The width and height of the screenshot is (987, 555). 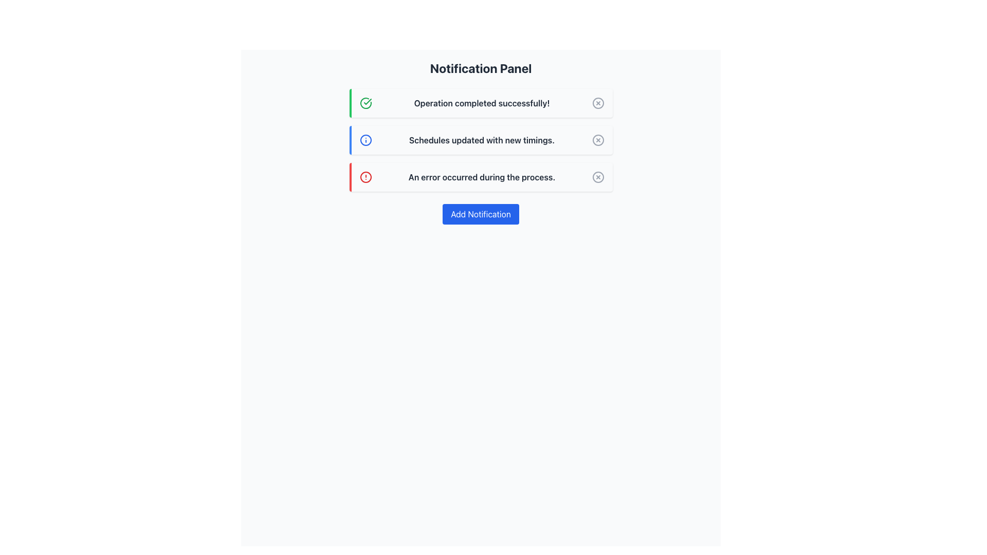 I want to click on the circular gray button with a cross inside, located to the right of the text 'Operation completed successfully!' in the green-bordered notification box, so click(x=598, y=103).